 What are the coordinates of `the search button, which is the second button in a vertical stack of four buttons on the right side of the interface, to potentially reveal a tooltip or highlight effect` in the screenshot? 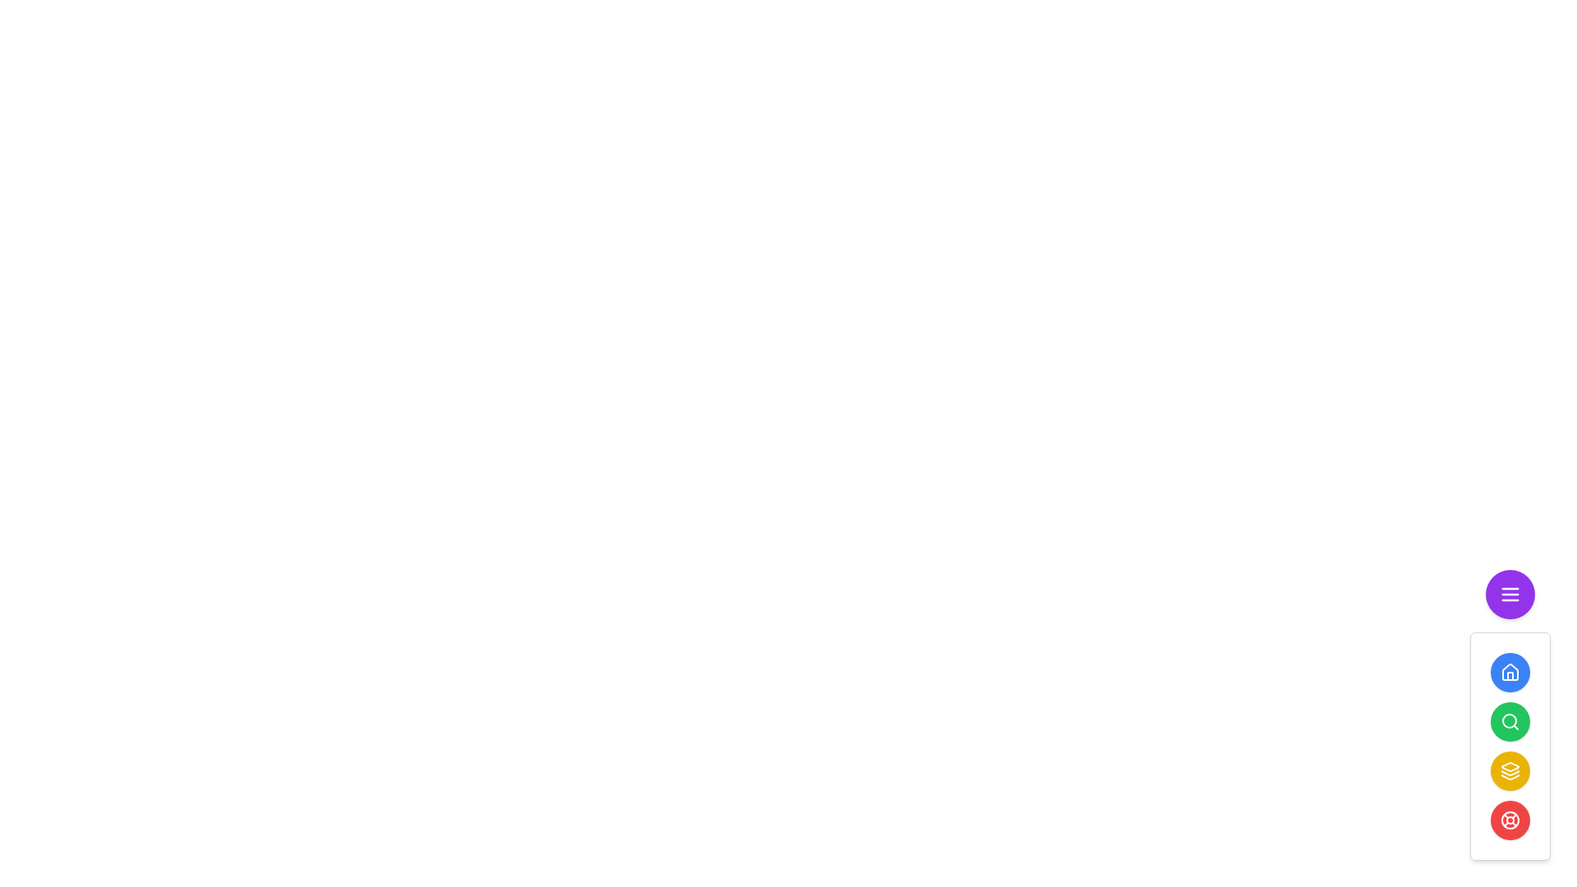 It's located at (1510, 721).